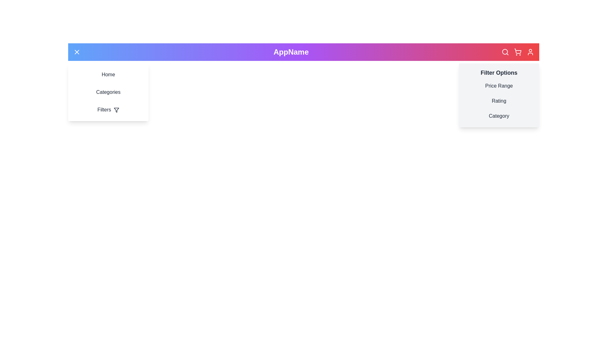 The width and height of the screenshot is (603, 339). I want to click on the shopping cart icon in the SVG graphic located within the navigation bar, which is visually represented in a modern line art style, so click(518, 51).